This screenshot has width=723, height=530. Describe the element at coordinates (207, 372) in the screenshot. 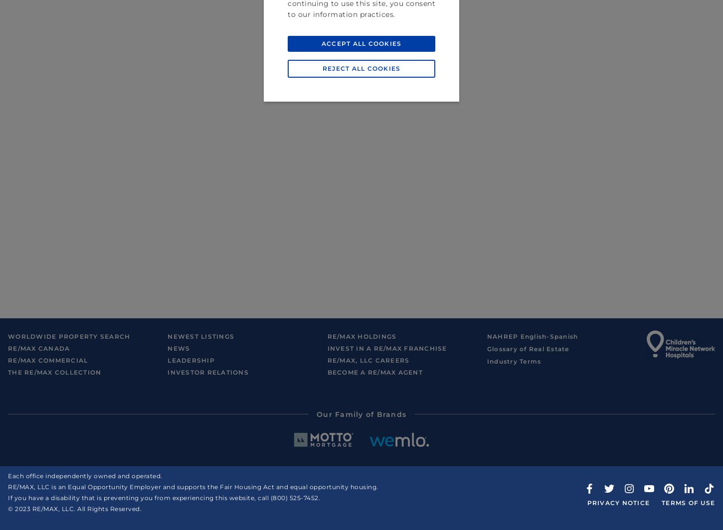

I see `'Investor Relations'` at that location.